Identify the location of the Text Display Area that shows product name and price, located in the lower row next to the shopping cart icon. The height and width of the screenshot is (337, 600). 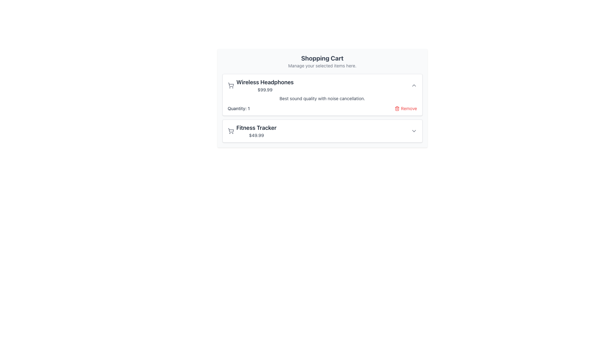
(256, 131).